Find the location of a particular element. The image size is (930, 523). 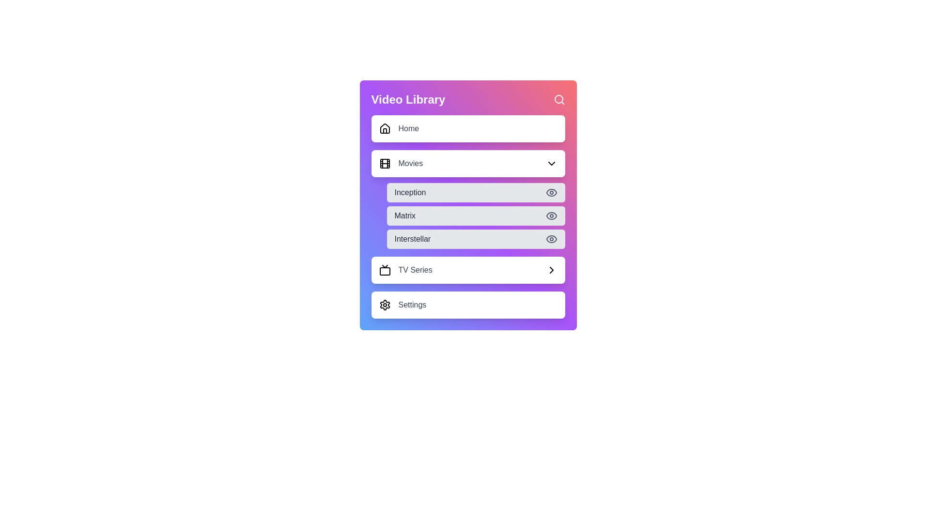

the list item labeled 'Matrix' in the 'Movies' section of the 'Video Library' interface to trigger an action is located at coordinates (468, 215).